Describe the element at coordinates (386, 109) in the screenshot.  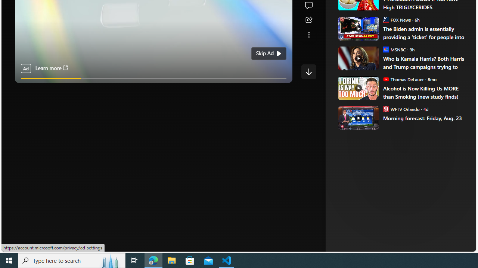
I see `'WFTV Orlando'` at that location.